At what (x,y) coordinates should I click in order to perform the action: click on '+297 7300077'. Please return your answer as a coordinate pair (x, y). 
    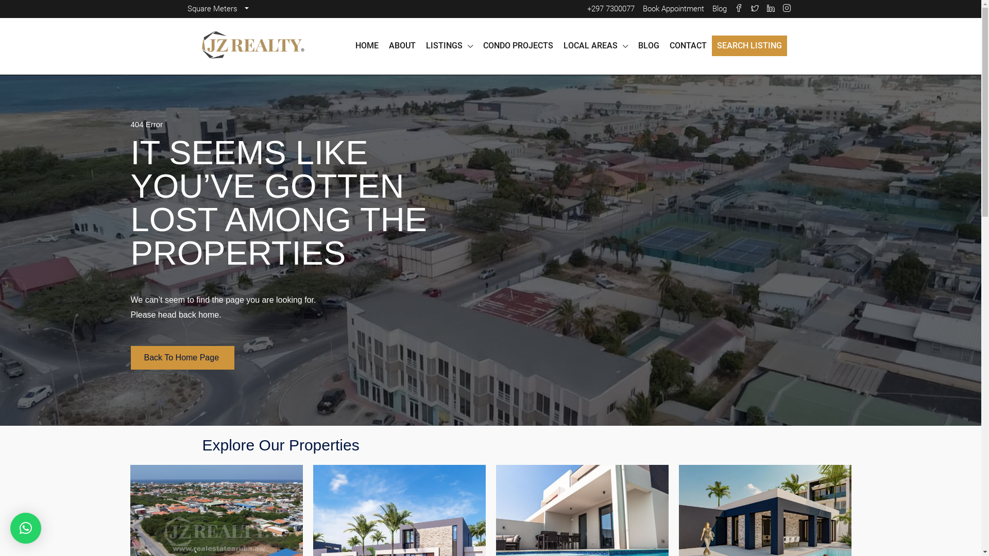
    Looking at the image, I should click on (610, 9).